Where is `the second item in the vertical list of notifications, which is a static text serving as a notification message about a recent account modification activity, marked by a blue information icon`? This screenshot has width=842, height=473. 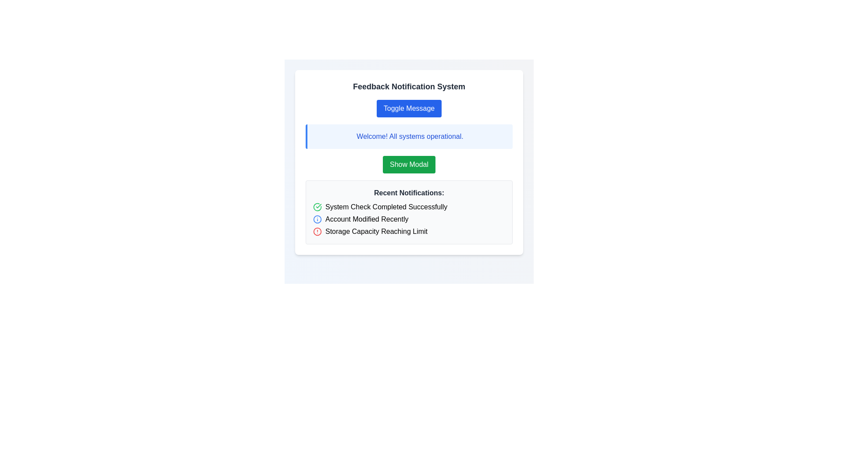
the second item in the vertical list of notifications, which is a static text serving as a notification message about a recent account modification activity, marked by a blue information icon is located at coordinates (367, 219).